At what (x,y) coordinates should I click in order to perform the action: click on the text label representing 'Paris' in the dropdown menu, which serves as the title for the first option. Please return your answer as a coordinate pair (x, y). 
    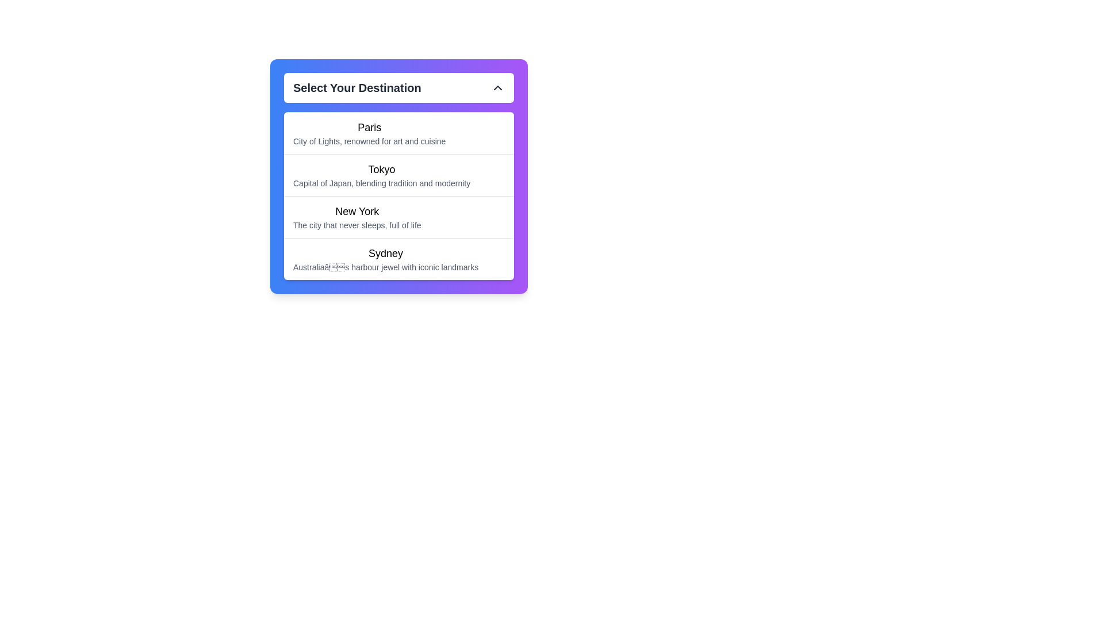
    Looking at the image, I should click on (369, 128).